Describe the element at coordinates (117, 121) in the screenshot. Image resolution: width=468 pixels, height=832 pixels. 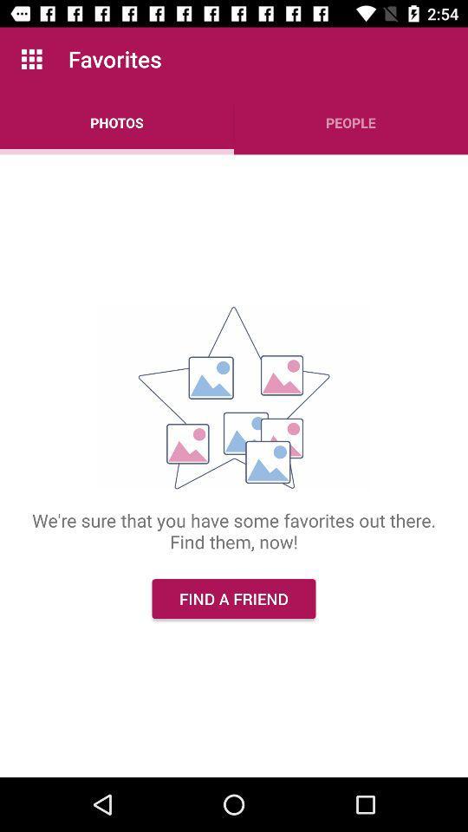
I see `item next to the people app` at that location.